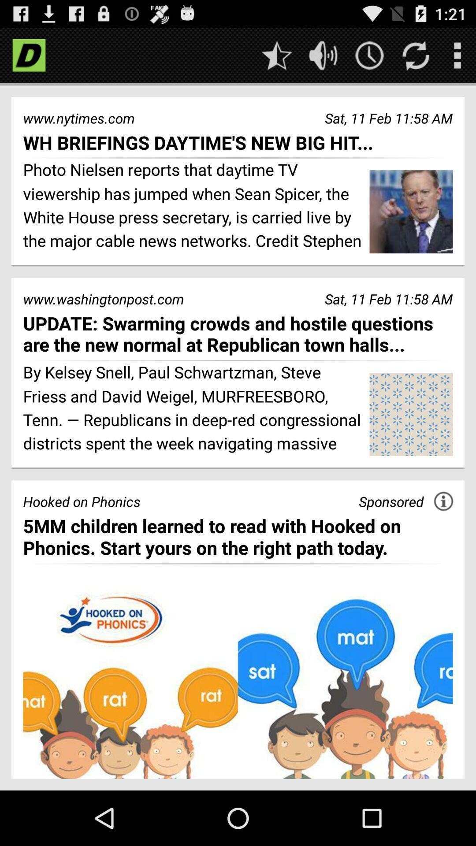 Image resolution: width=476 pixels, height=846 pixels. I want to click on wh briefings daytime app, so click(238, 142).